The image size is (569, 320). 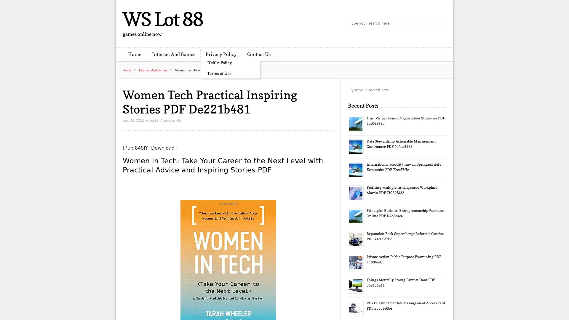 What do you see at coordinates (440, 24) in the screenshot?
I see `Search` at bounding box center [440, 24].